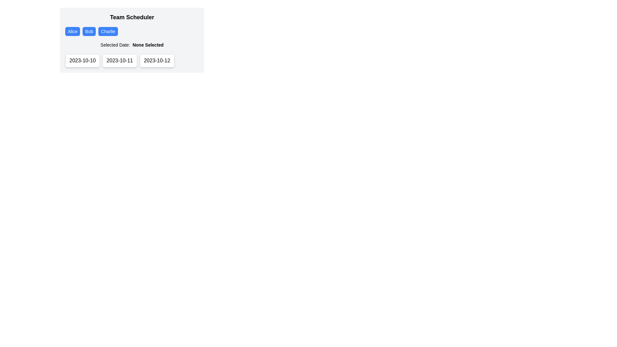 The image size is (617, 347). Describe the element at coordinates (108, 31) in the screenshot. I see `the 'Charlie' button located in the horizontal group of buttons for selecting the entity 'Charlie' in the Team Scheduler interface` at that location.